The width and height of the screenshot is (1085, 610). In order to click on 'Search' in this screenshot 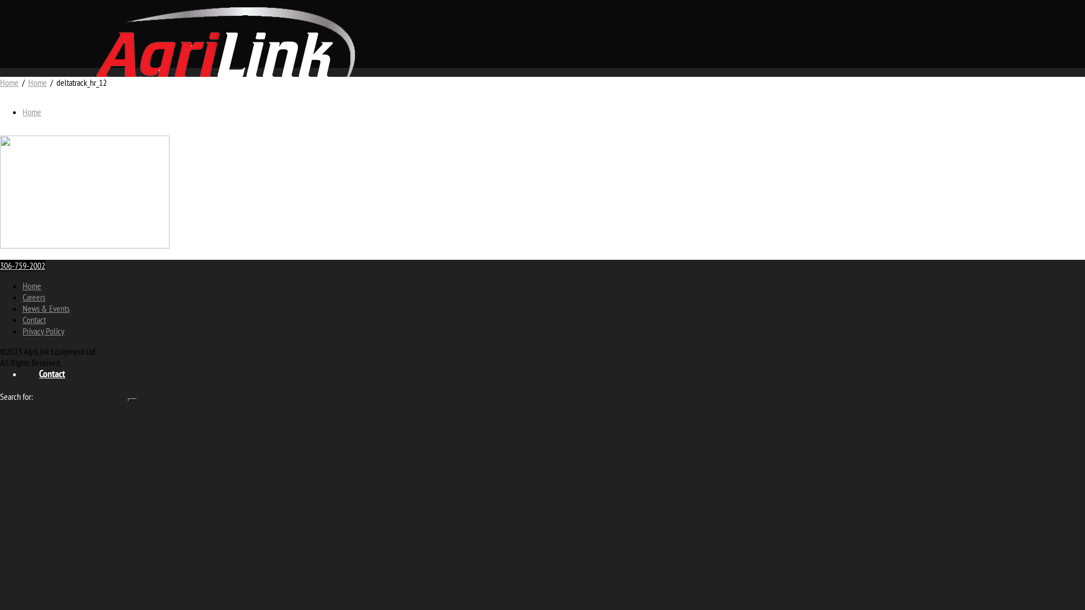, I will do `click(127, 399)`.